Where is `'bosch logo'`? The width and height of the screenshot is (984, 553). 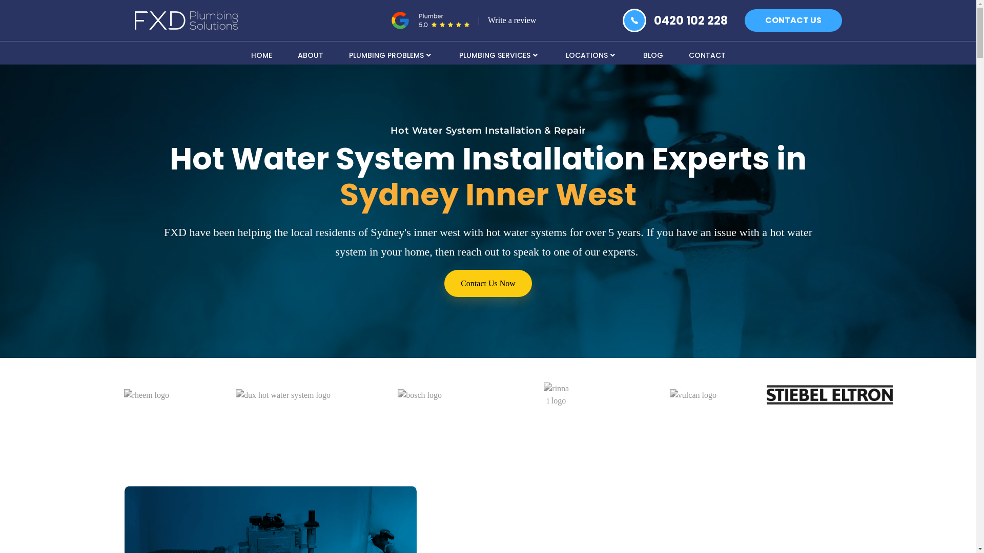 'bosch logo' is located at coordinates (420, 394).